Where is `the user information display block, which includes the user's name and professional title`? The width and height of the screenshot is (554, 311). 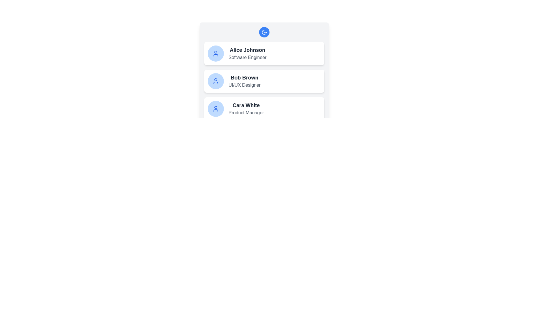 the user information display block, which includes the user's name and professional title is located at coordinates (247, 53).